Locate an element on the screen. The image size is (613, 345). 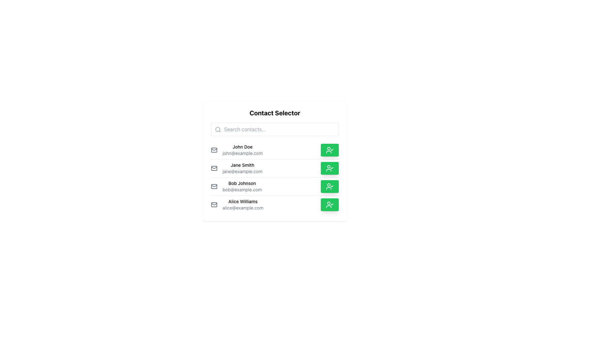
the email address in the contact information row for 'Jane Smith' to copy or open a mail app is located at coordinates (275, 168).